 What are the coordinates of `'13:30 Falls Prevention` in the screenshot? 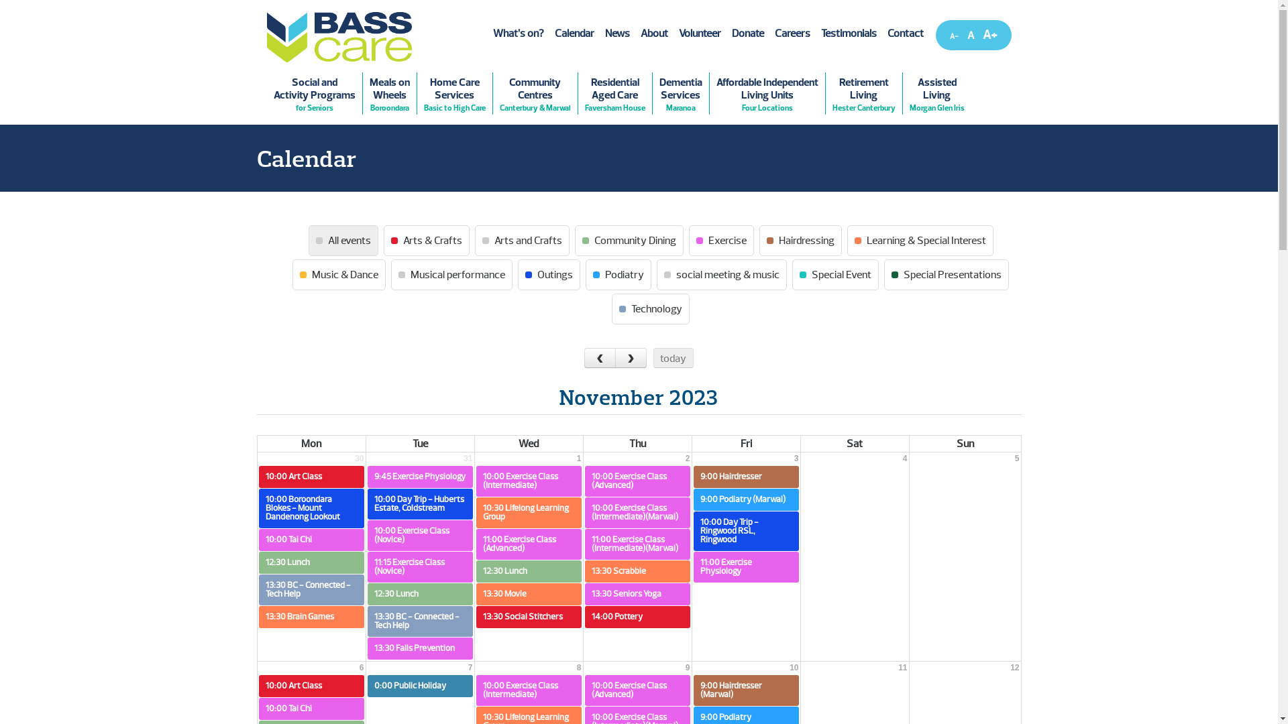 It's located at (419, 648).